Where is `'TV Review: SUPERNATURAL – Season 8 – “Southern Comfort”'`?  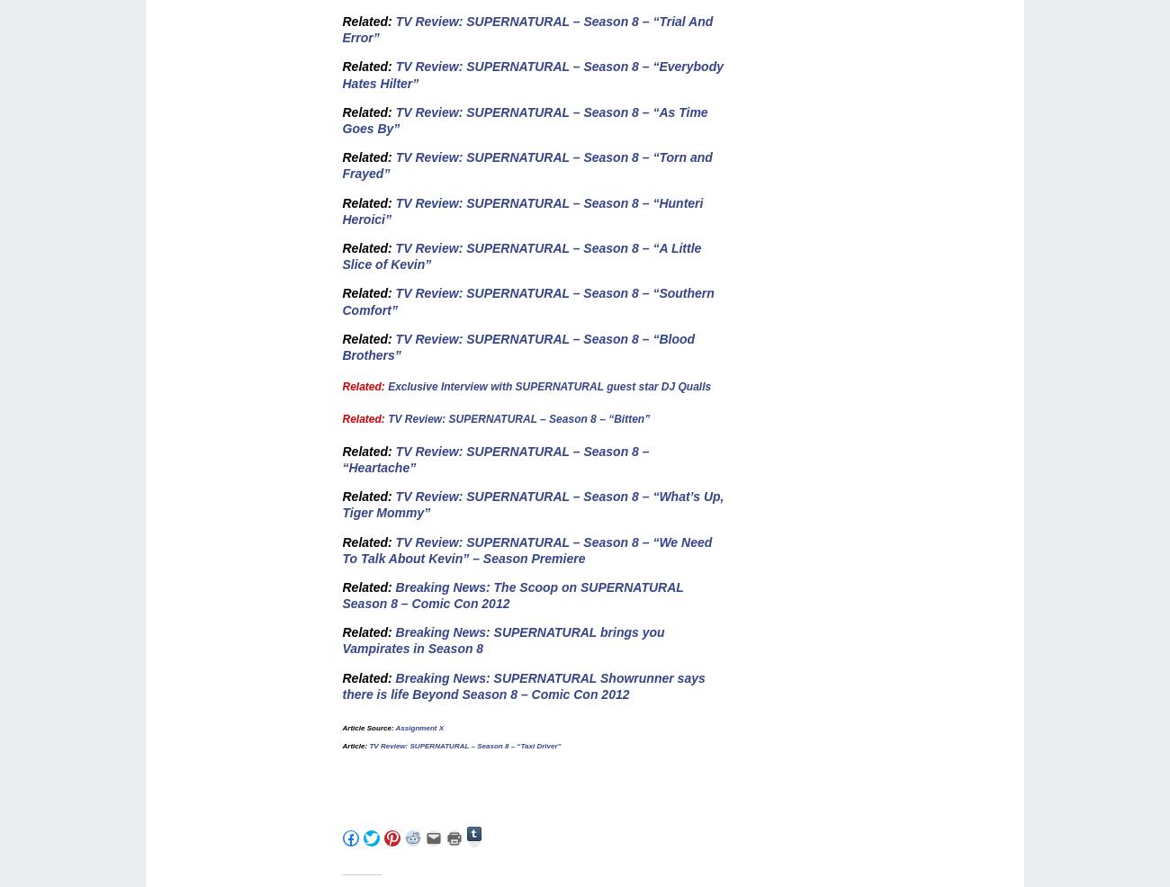 'TV Review: SUPERNATURAL – Season 8 – “Southern Comfort”' is located at coordinates (526, 300).